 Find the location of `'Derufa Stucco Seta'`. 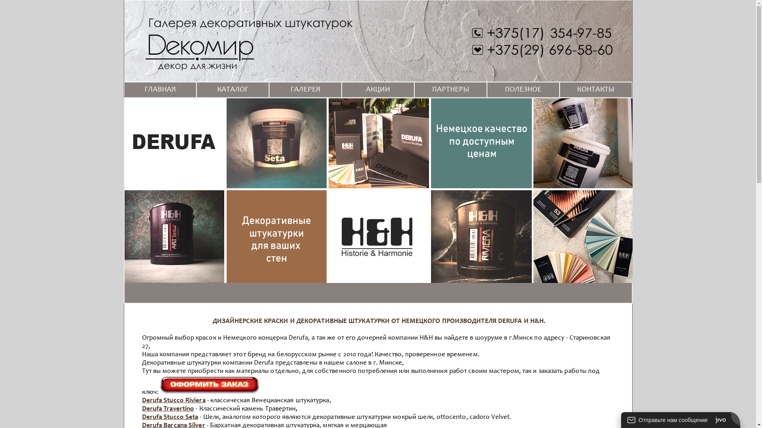

'Derufa Stucco Seta' is located at coordinates (169, 417).